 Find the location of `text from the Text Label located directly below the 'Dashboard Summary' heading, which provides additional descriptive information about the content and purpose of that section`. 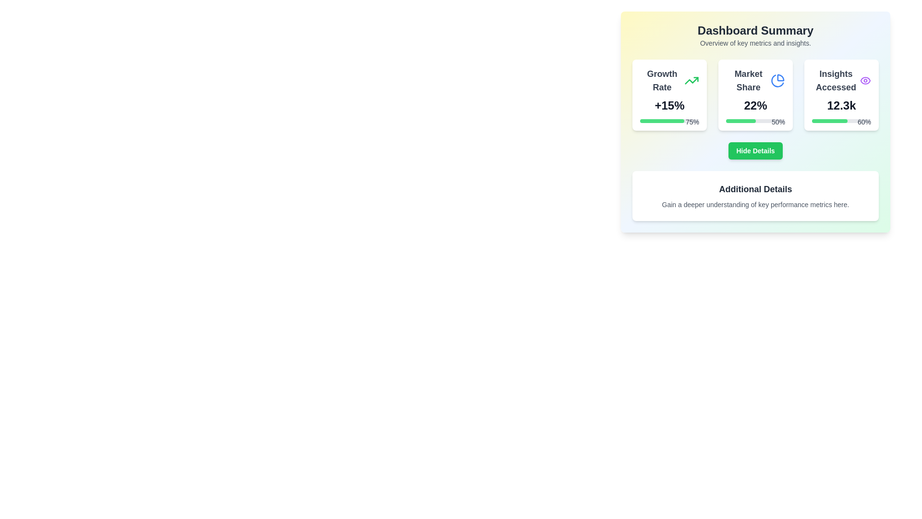

text from the Text Label located directly below the 'Dashboard Summary' heading, which provides additional descriptive information about the content and purpose of that section is located at coordinates (755, 42).